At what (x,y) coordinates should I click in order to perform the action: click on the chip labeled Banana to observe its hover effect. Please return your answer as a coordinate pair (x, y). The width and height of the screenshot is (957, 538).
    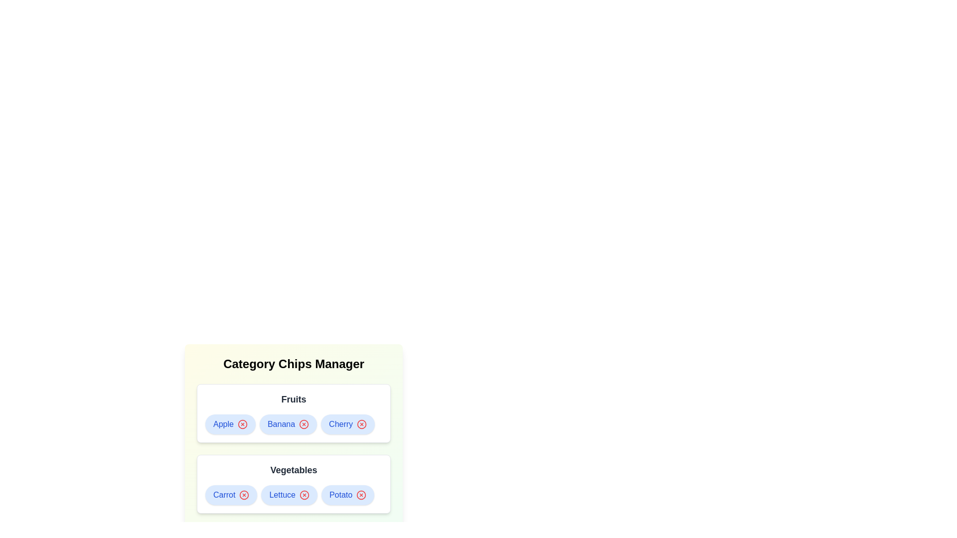
    Looking at the image, I should click on (287, 424).